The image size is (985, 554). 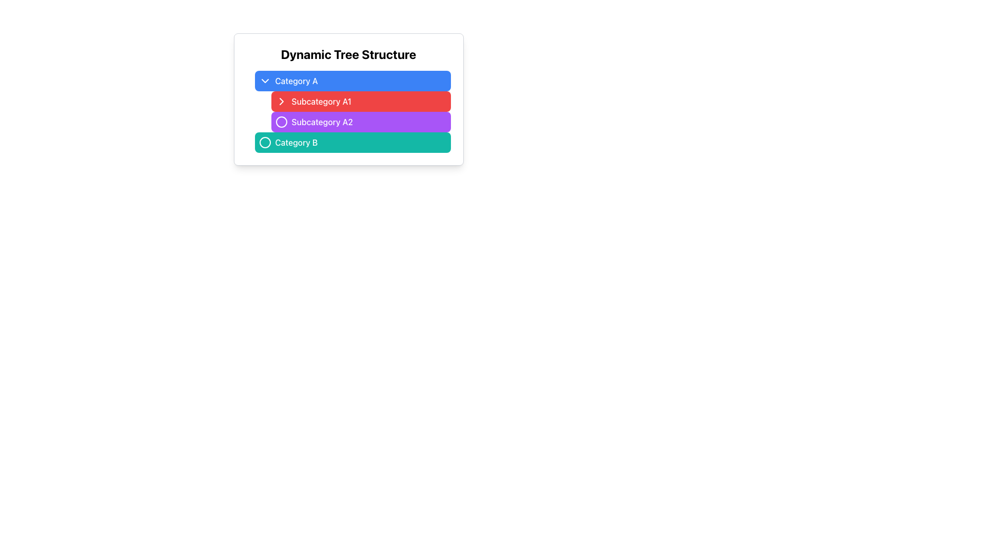 I want to click on the interactive icon representing 'Subcategory A2', so click(x=281, y=122).